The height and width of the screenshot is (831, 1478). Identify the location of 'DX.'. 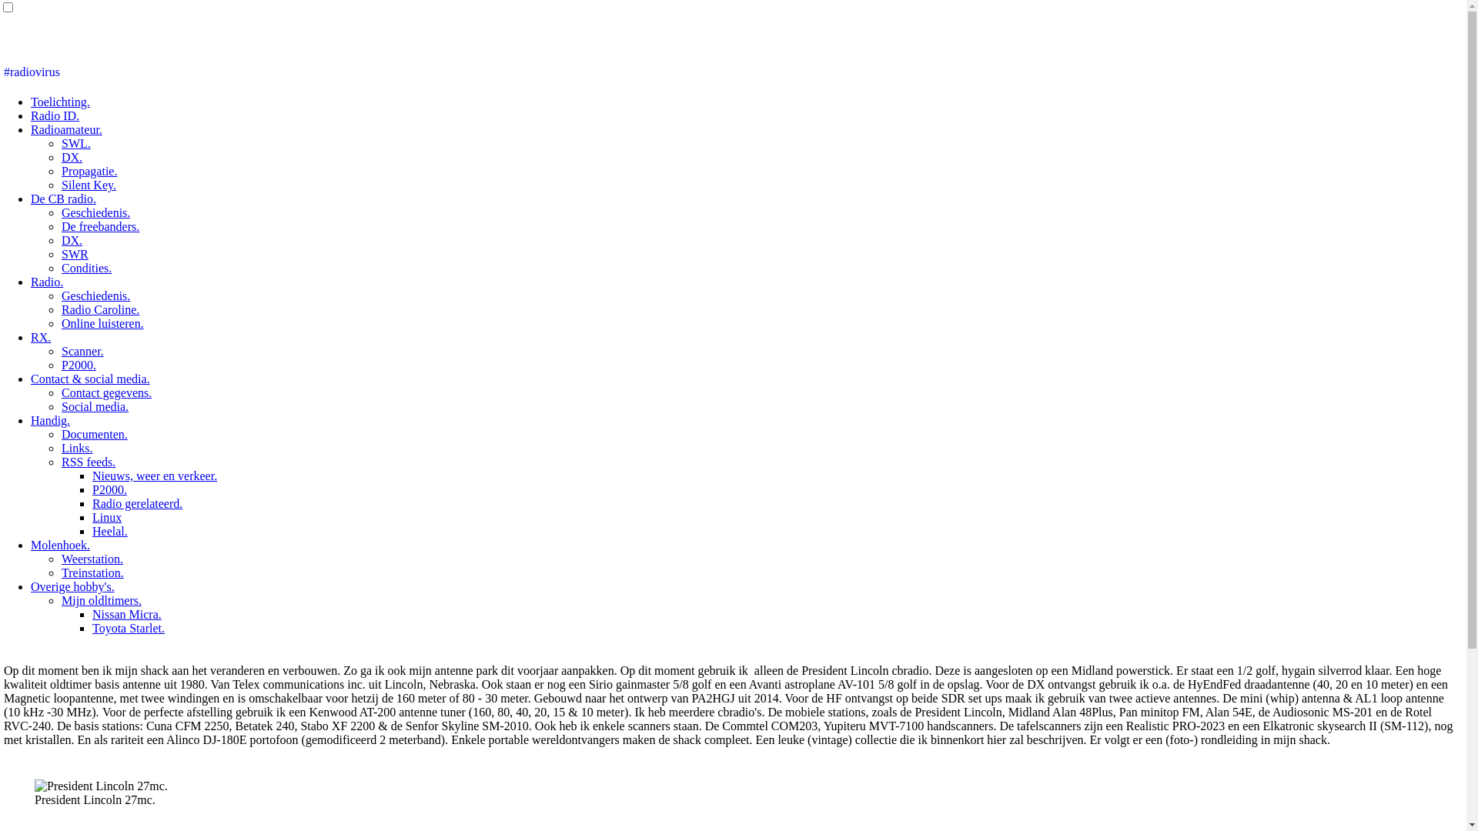
(71, 240).